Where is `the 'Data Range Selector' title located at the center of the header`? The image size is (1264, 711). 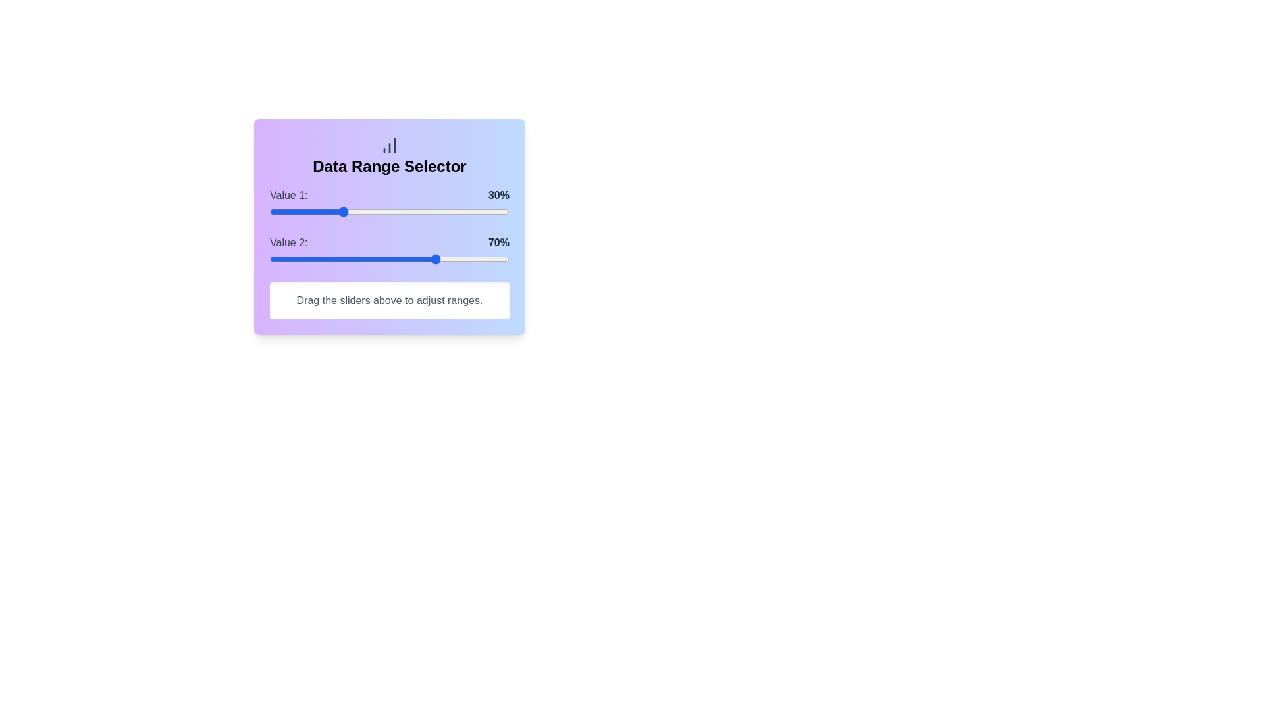
the 'Data Range Selector' title located at the center of the header is located at coordinates (388, 166).